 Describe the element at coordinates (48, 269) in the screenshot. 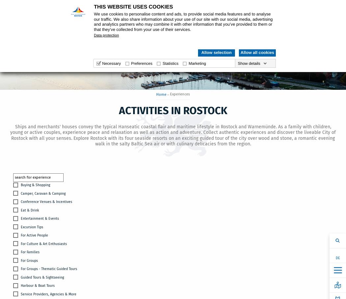

I see `'For Groups - Thematic Guided Tours'` at that location.